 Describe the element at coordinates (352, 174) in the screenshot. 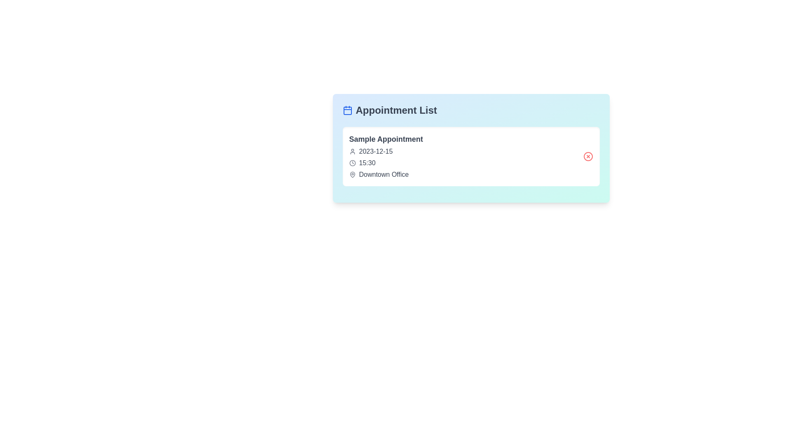

I see `the geographical location icon represented by a larger map pin shape in the third row of the appointment details card, positioned to the left of the text 'Downtown Office'` at that location.